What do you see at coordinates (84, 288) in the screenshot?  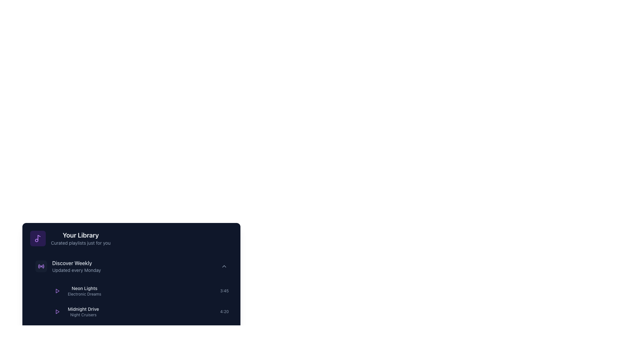 I see `the non-interactive text label representing the title of a playlist or category located in the 'Your Library' section, positioned above 'Electronic Dreams'` at bounding box center [84, 288].